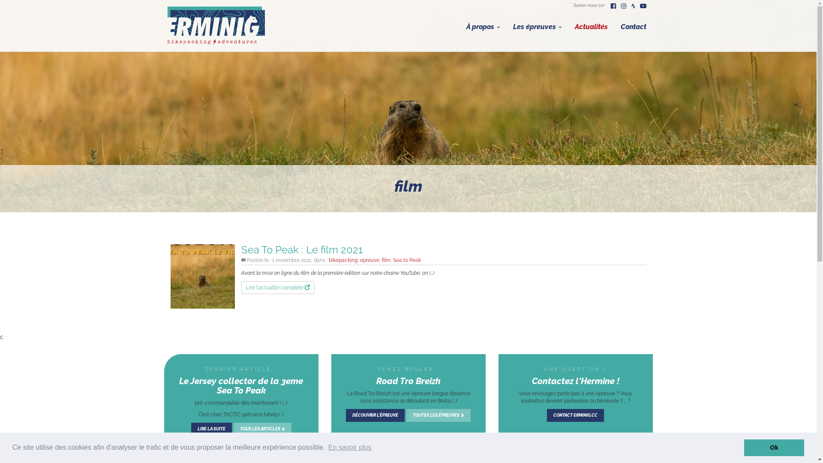 Image resolution: width=823 pixels, height=463 pixels. Describe the element at coordinates (744, 447) in the screenshot. I see `'Ok'` at that location.